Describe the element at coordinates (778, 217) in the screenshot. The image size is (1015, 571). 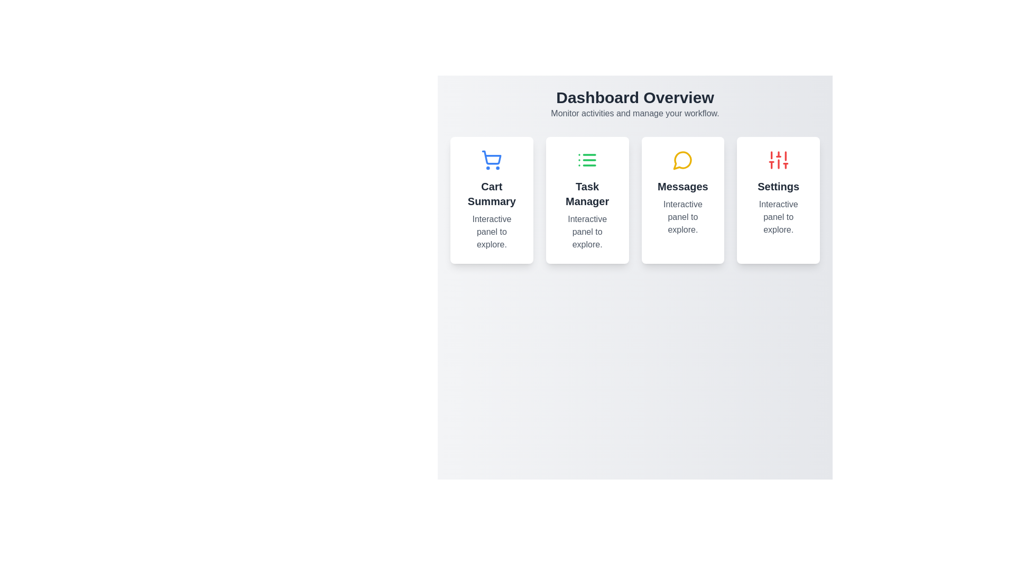
I see `the text label that reads 'Interactive panel` at that location.